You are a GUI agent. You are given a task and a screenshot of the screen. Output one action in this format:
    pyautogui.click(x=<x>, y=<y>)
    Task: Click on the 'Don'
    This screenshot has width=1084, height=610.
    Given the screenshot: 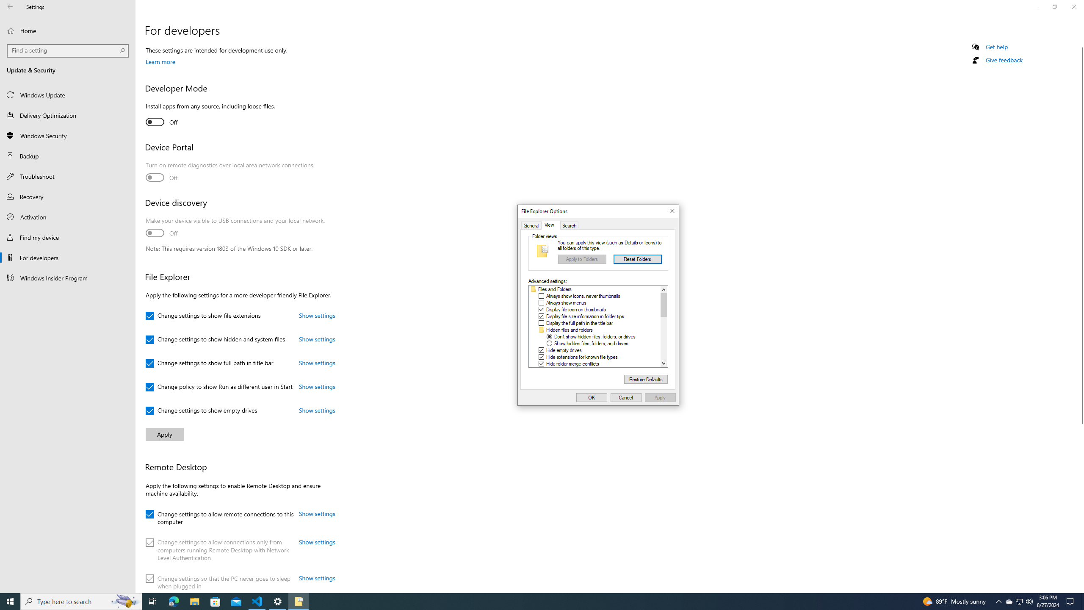 What is the action you would take?
    pyautogui.click(x=595, y=336)
    